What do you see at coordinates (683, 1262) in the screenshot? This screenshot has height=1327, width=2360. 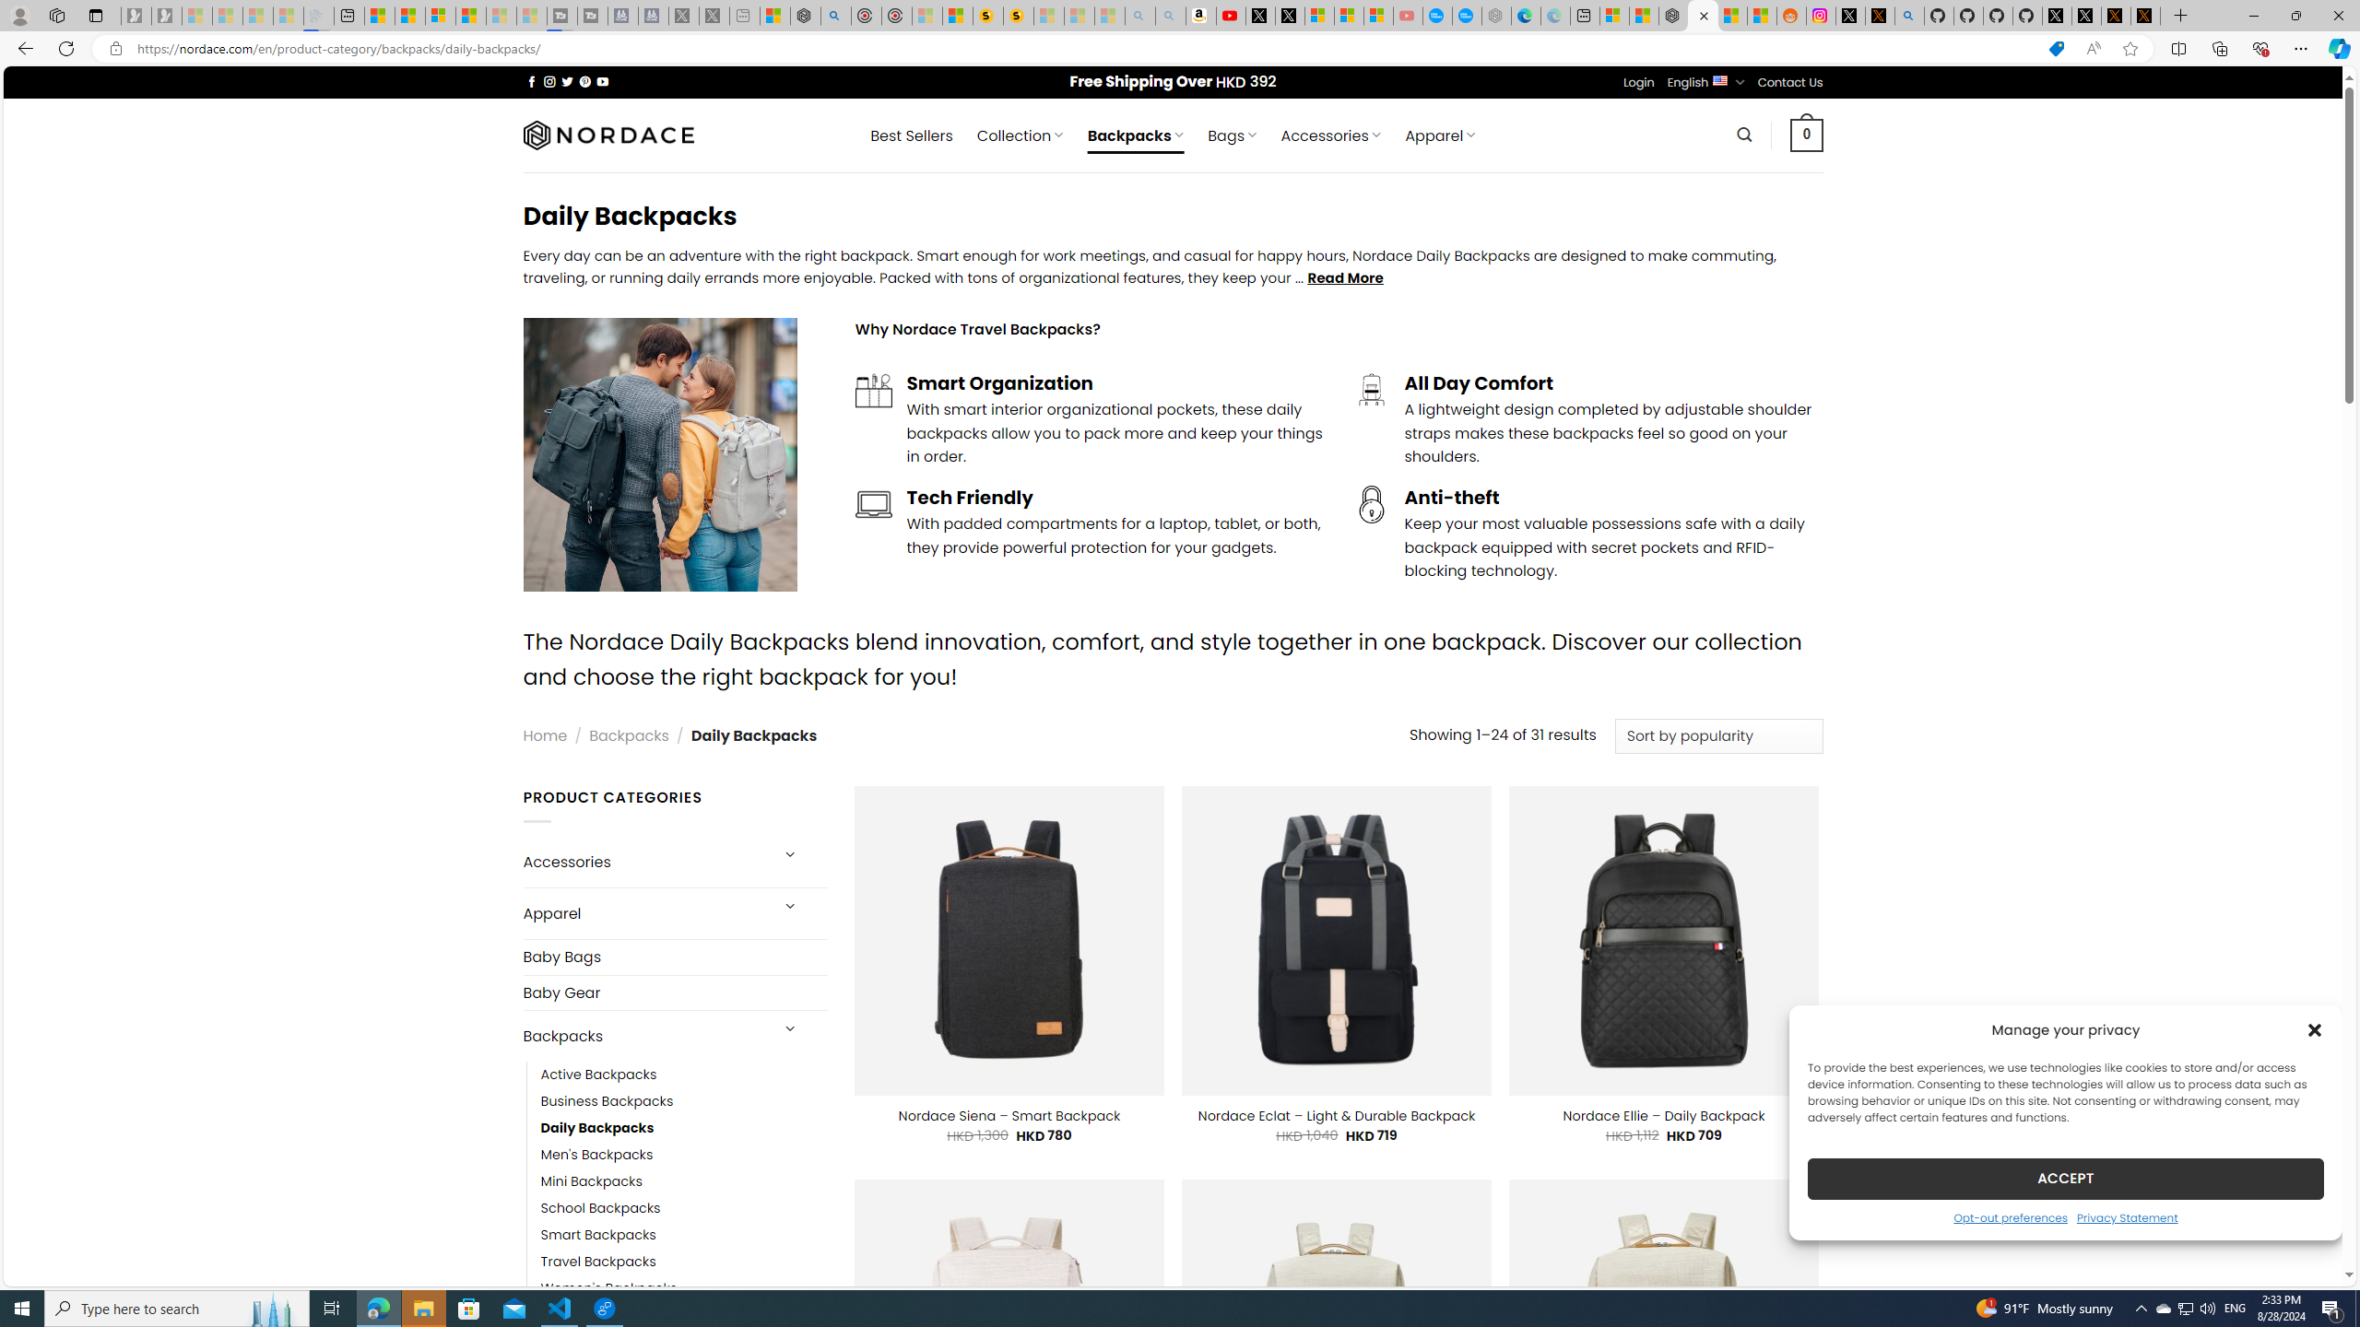 I see `'Travel Backpacks'` at bounding box center [683, 1262].